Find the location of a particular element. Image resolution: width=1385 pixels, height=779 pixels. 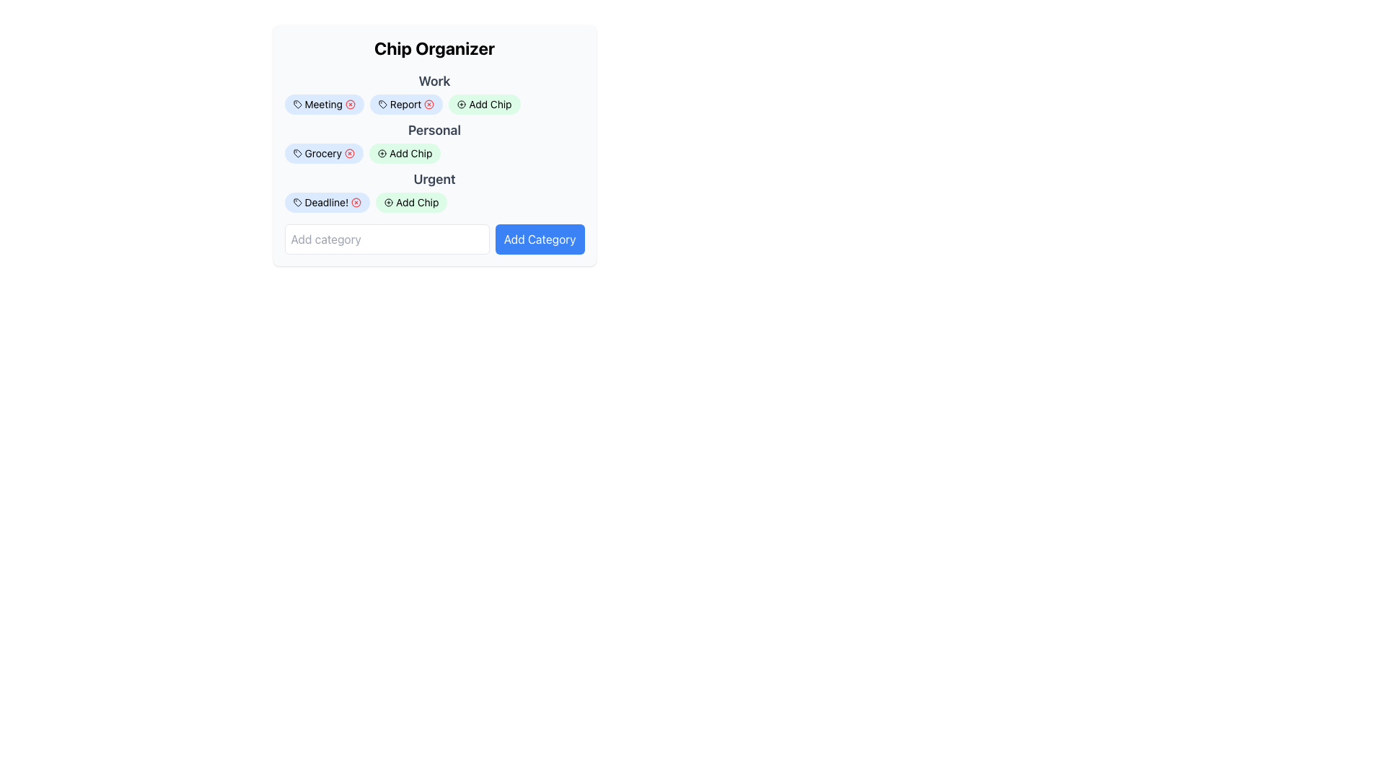

the circular red delete icon associated with the 'Grocery' item in the 'Personal' category is located at coordinates (350, 153).